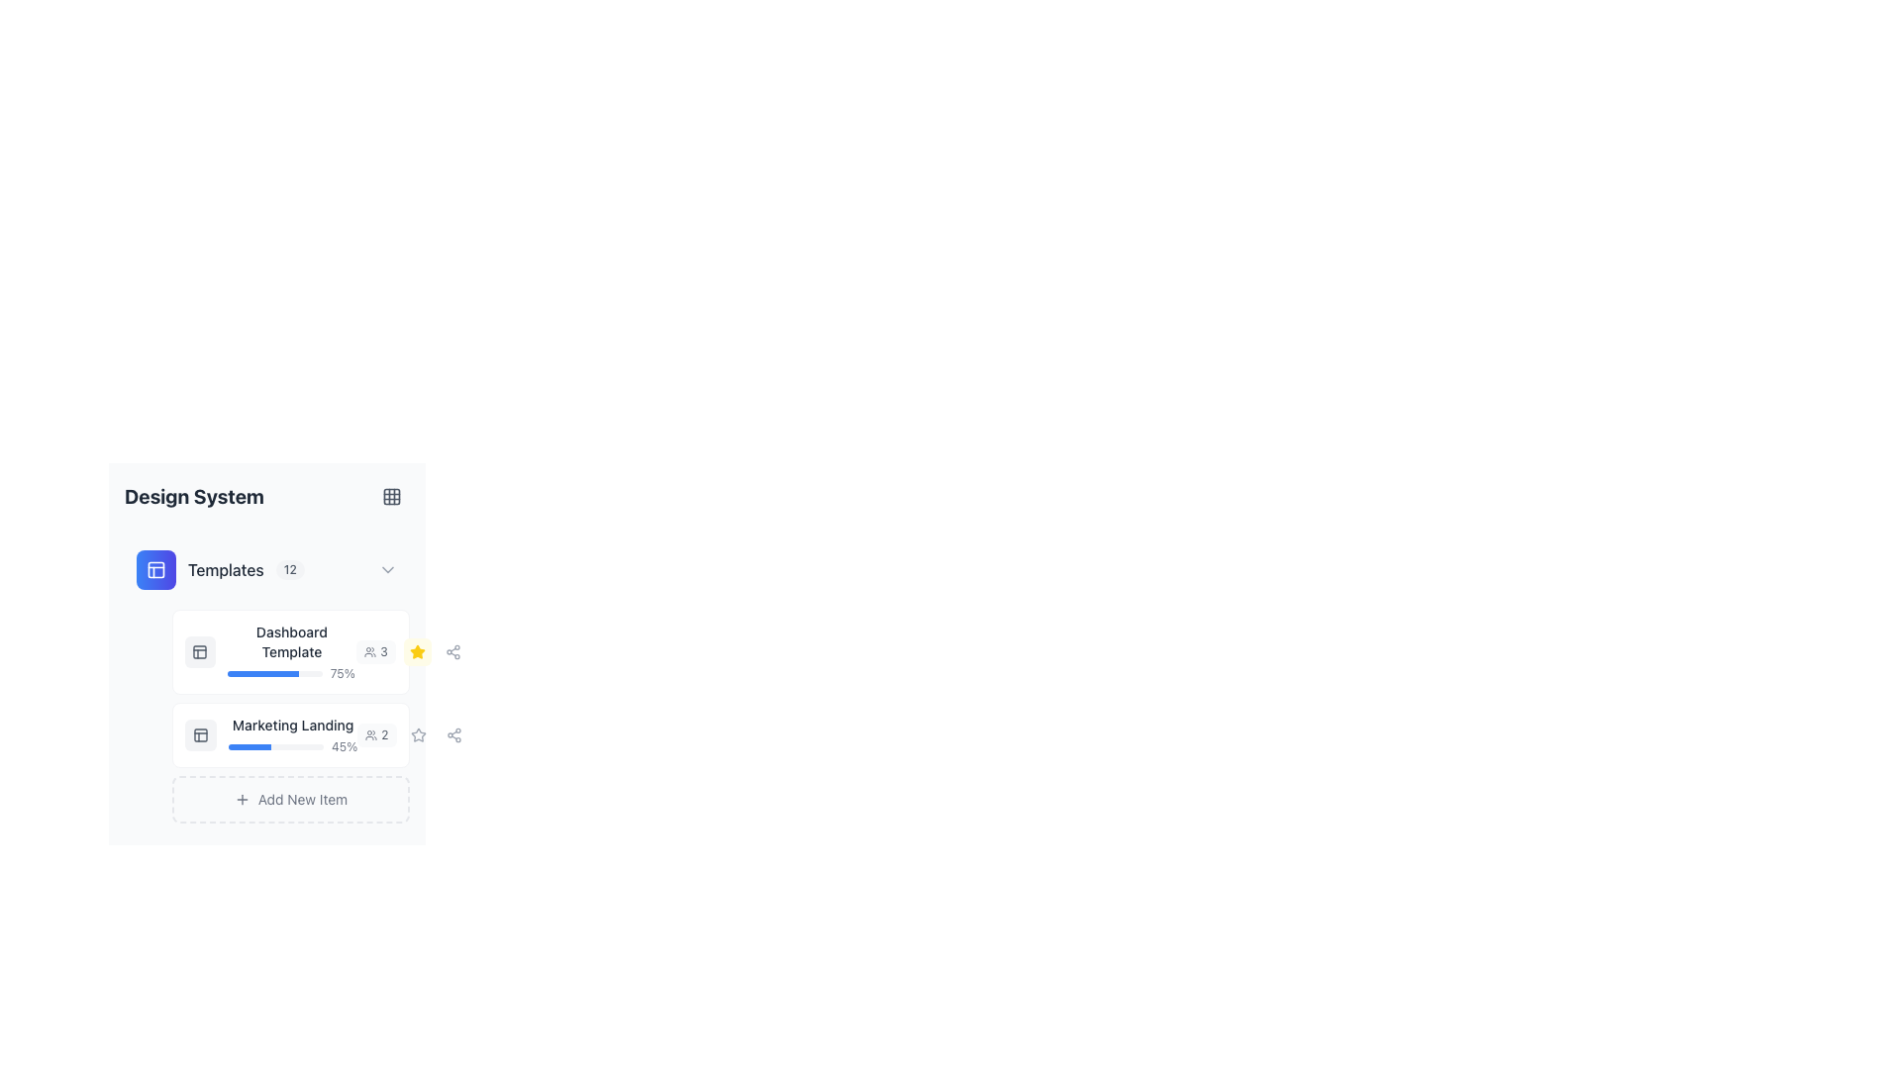  Describe the element at coordinates (289, 652) in the screenshot. I see `the dashboard template card located in the 'Templates' section` at that location.